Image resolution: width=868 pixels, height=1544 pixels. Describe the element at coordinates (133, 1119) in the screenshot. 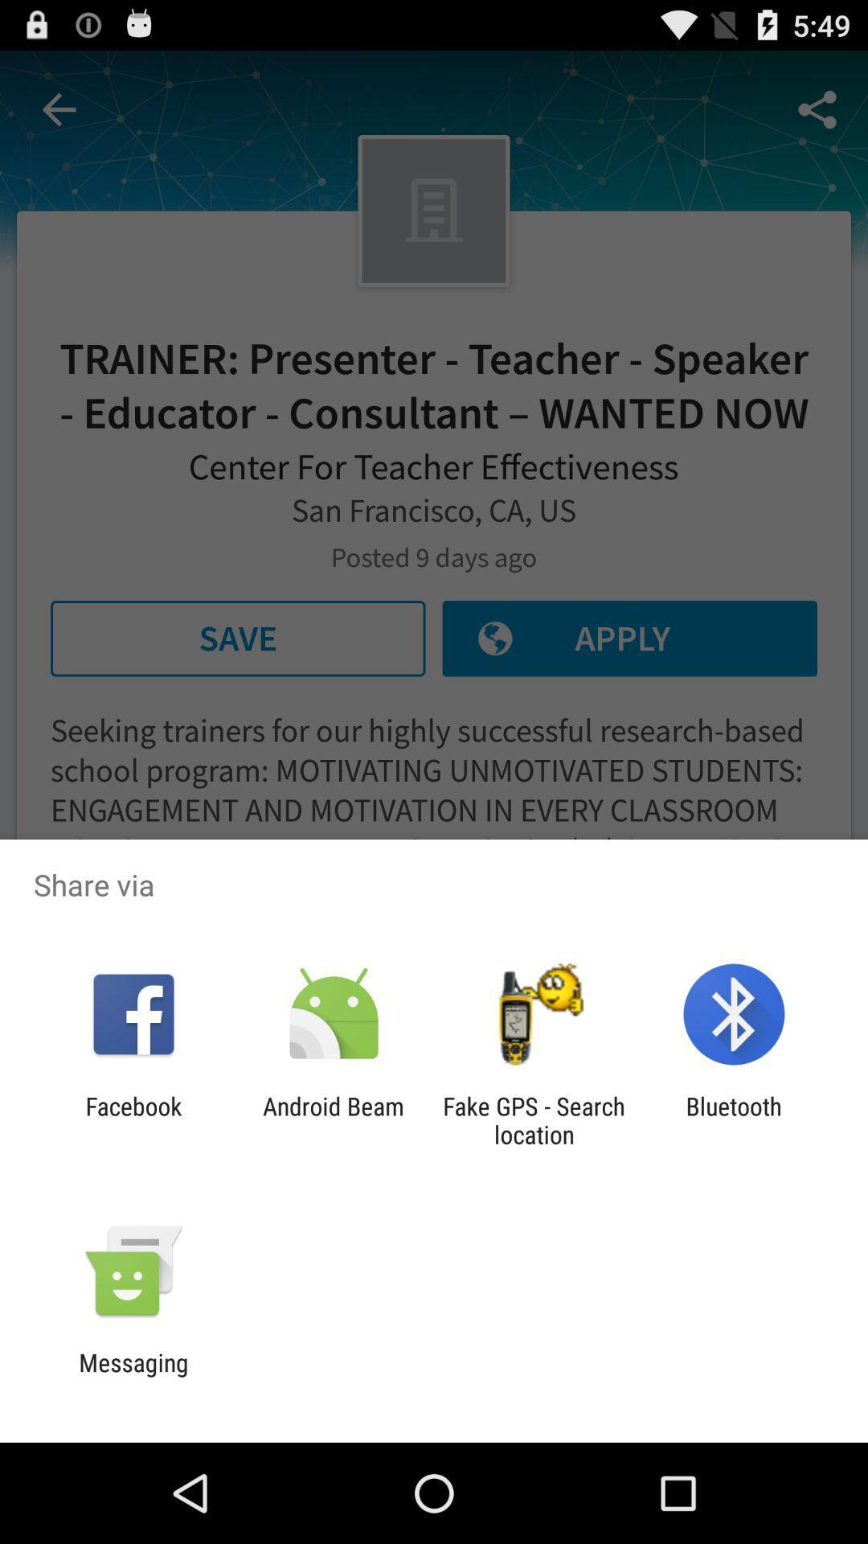

I see `facebook` at that location.